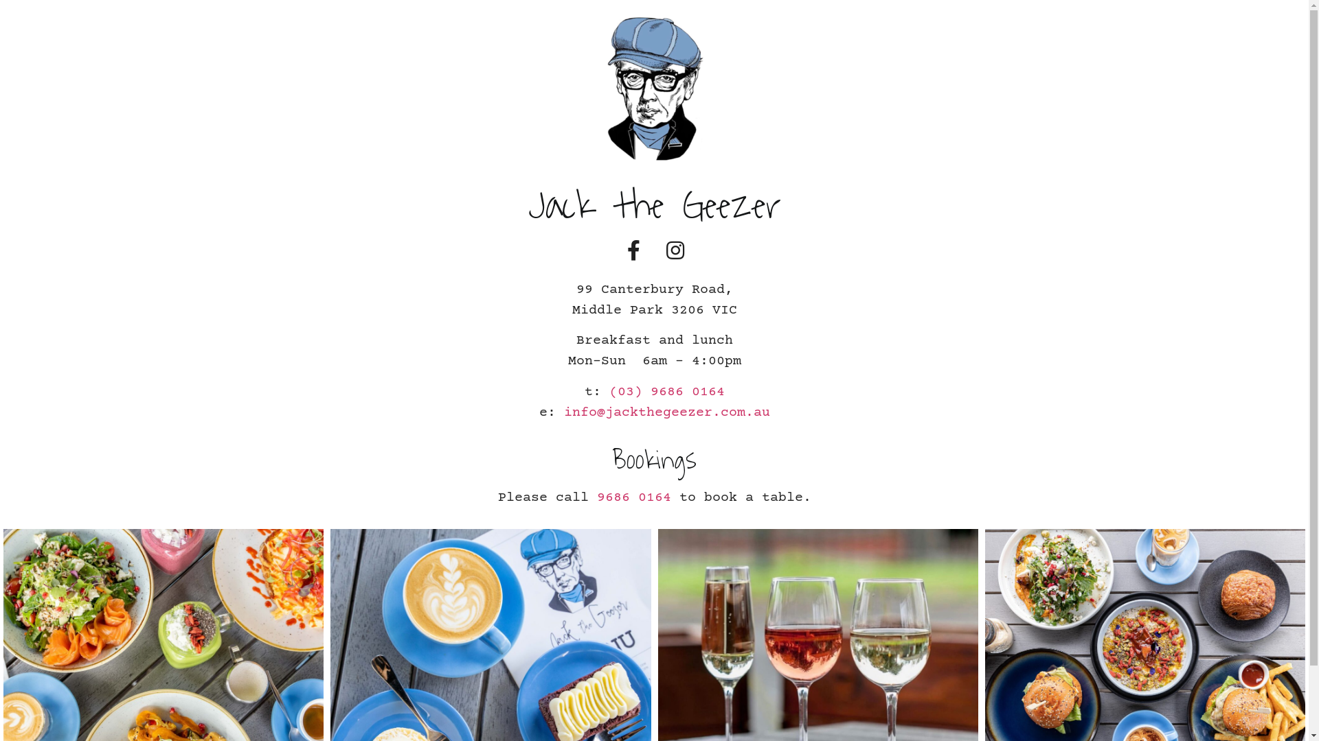  What do you see at coordinates (666, 392) in the screenshot?
I see `'(03) 9686 0164'` at bounding box center [666, 392].